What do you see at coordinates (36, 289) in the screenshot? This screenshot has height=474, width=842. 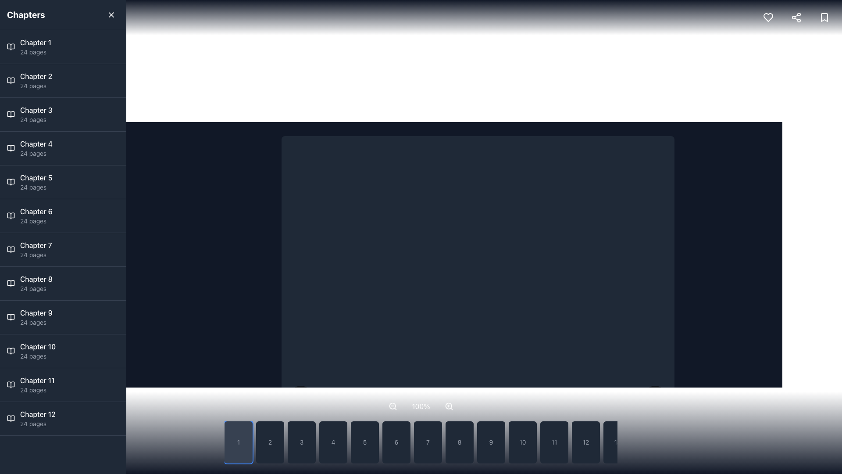 I see `the Text label that indicates the number of pages in Chapter 8, located in the left panel under the 'Chapter 8' item` at bounding box center [36, 289].